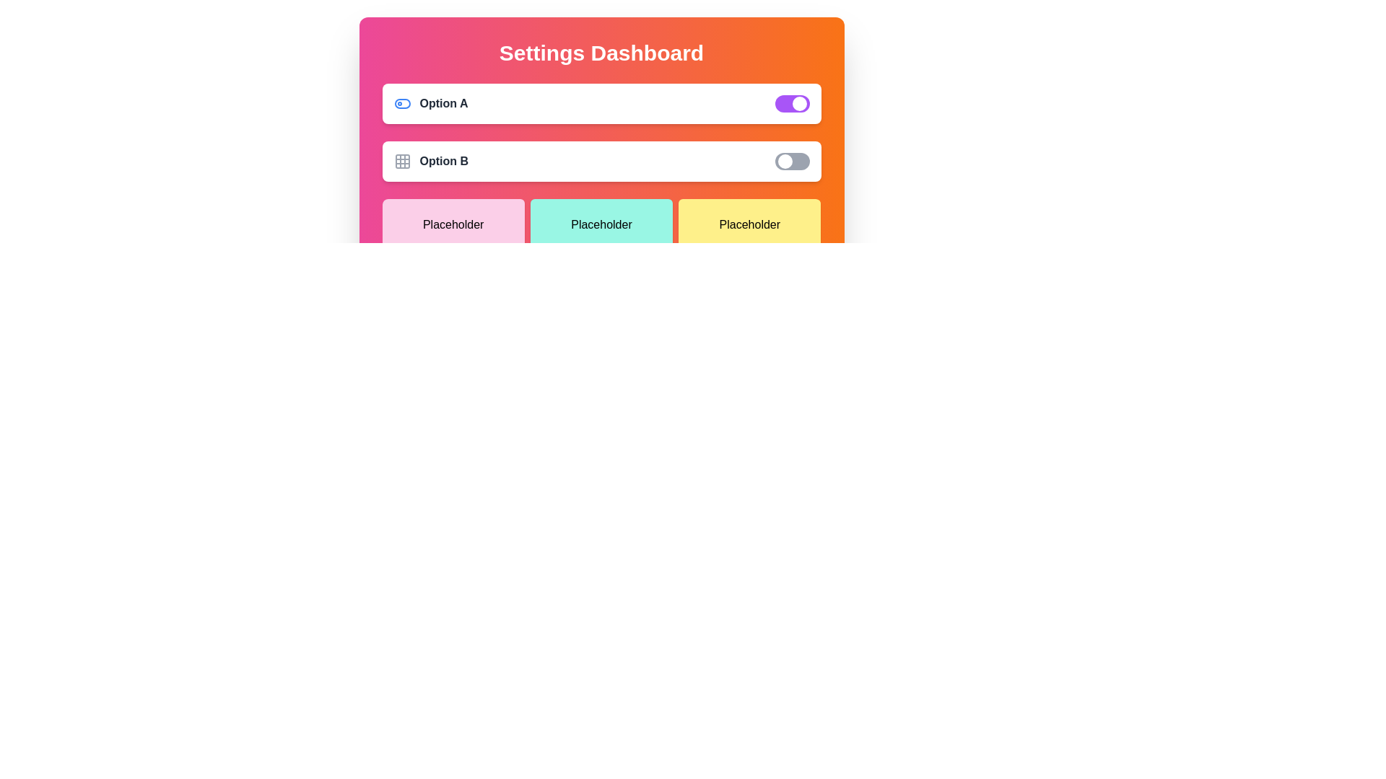 The image size is (1386, 779). I want to click on the text label for the toggle option 'Option A', which is positioned to the right of a blue toggle icon, so click(443, 102).